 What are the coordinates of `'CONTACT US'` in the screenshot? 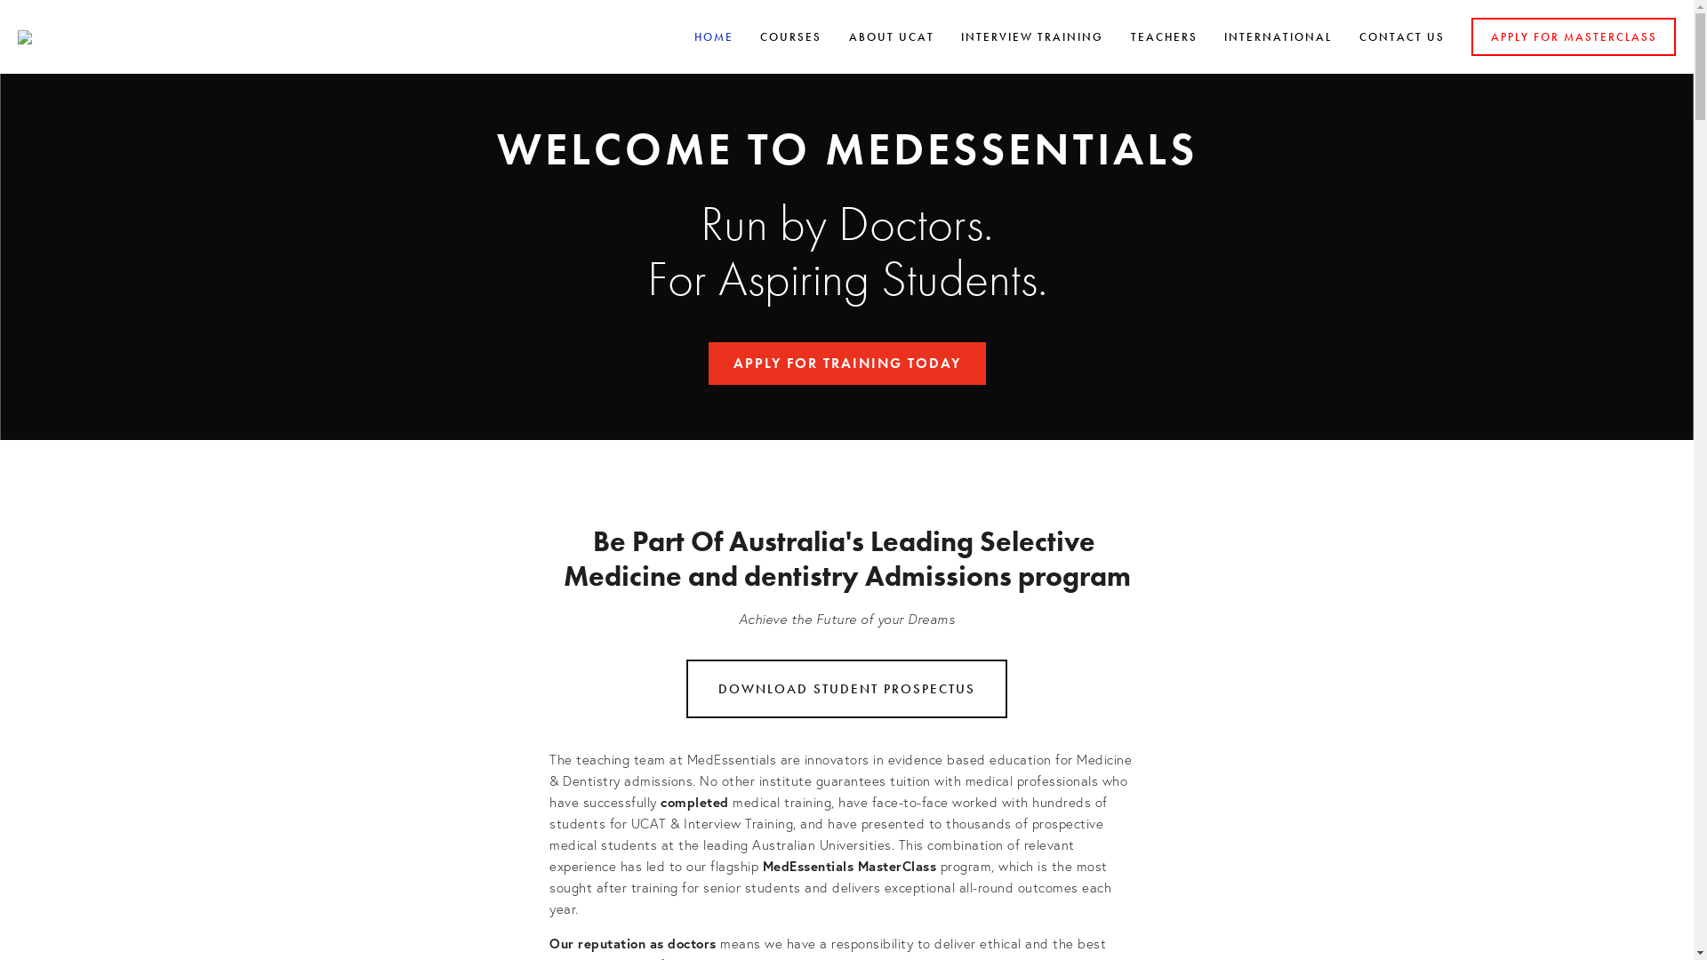 It's located at (1348, 36).